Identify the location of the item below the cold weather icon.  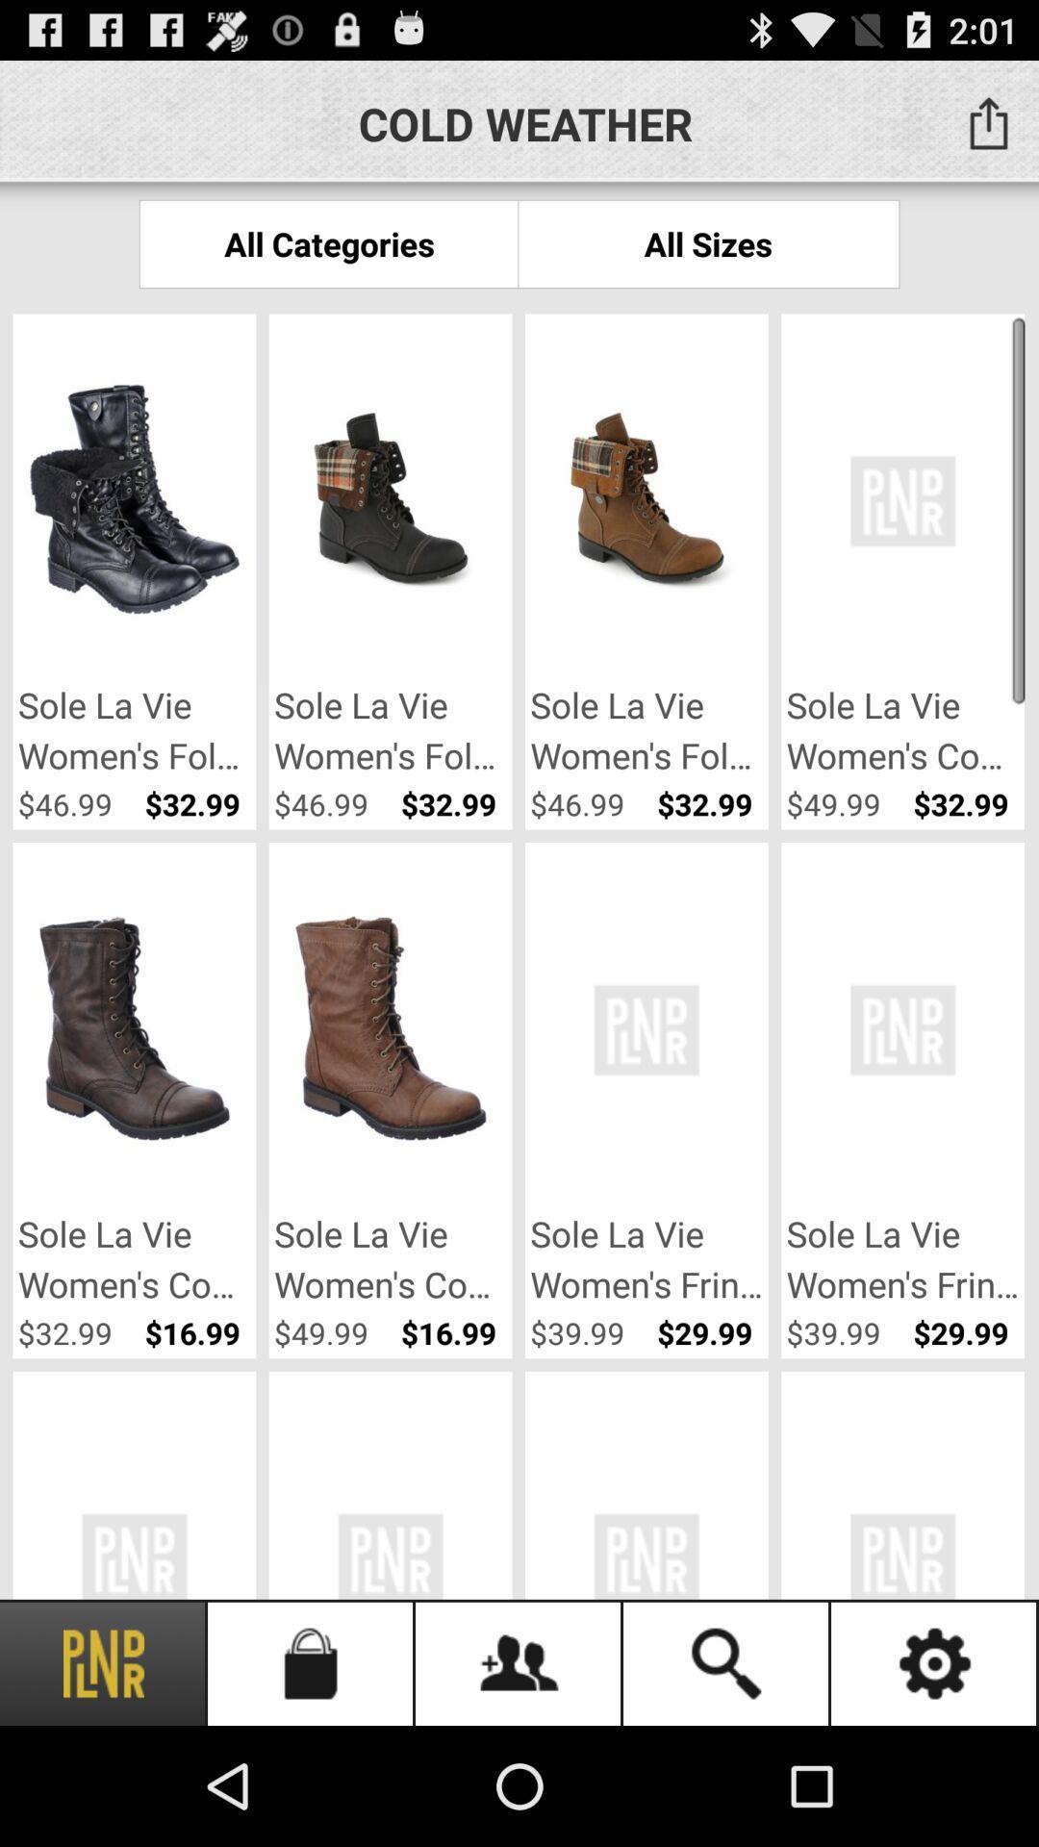
(708, 242).